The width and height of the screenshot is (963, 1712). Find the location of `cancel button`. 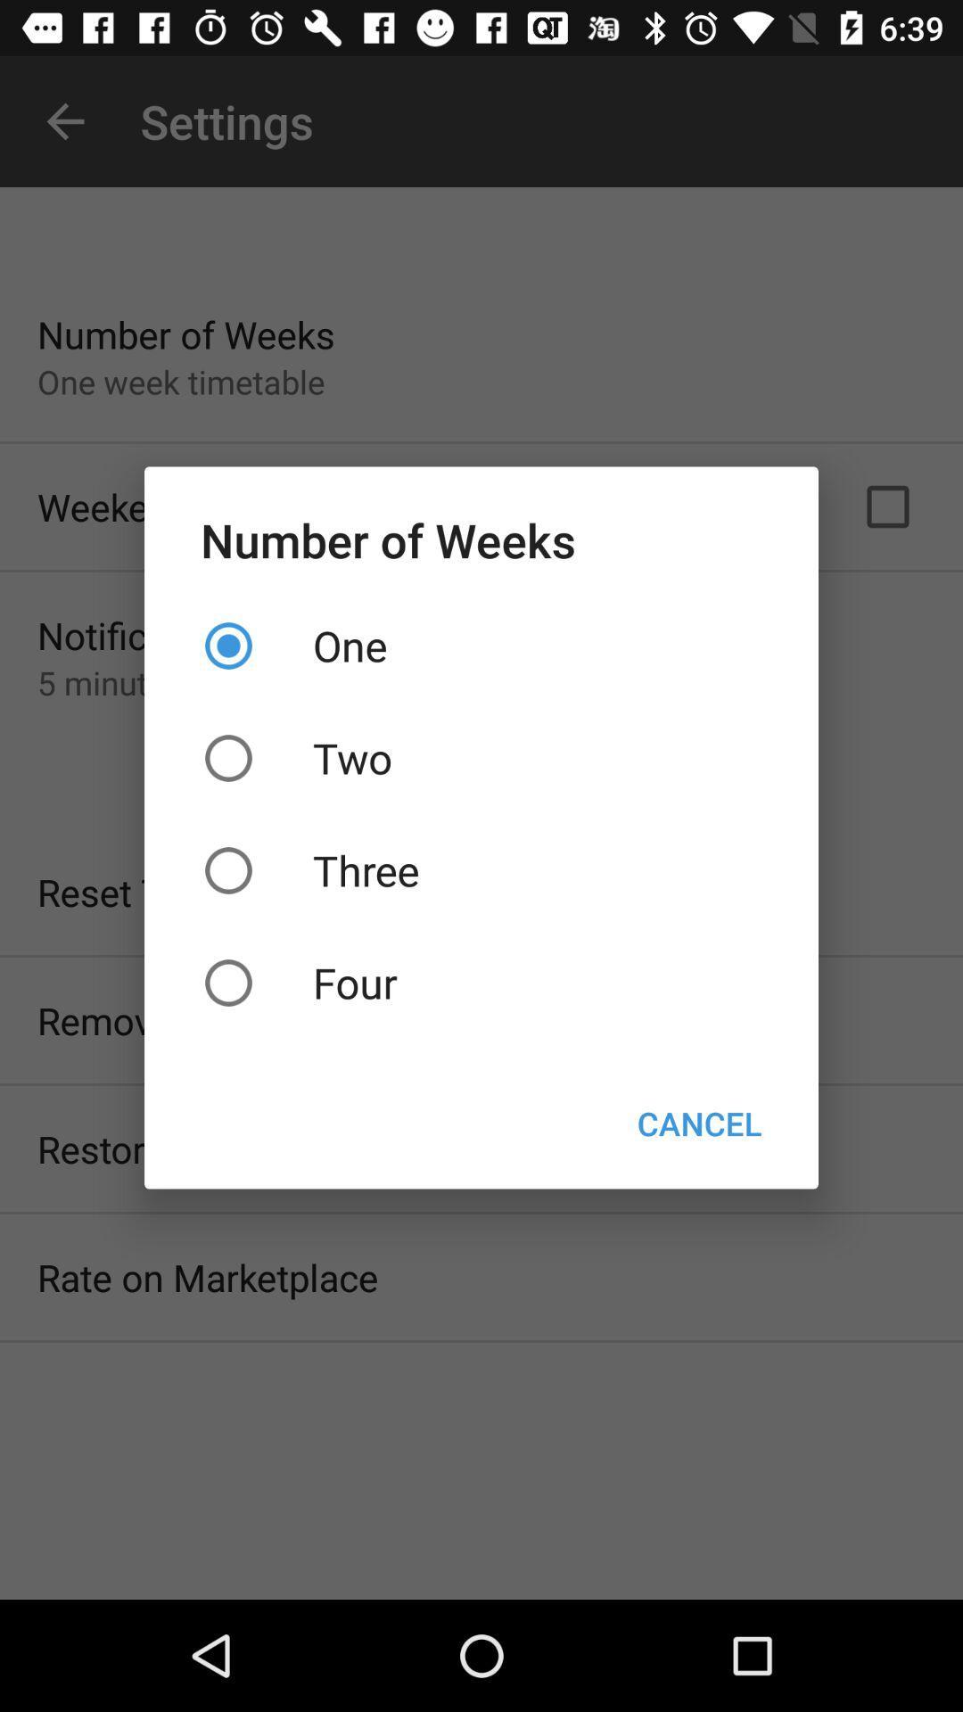

cancel button is located at coordinates (698, 1122).